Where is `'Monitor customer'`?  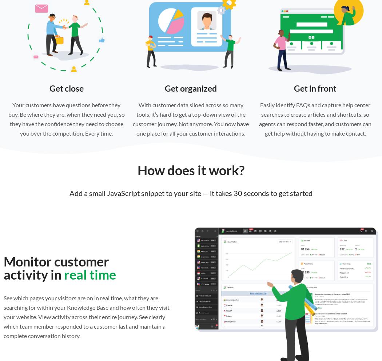
'Monitor customer' is located at coordinates (3, 261).